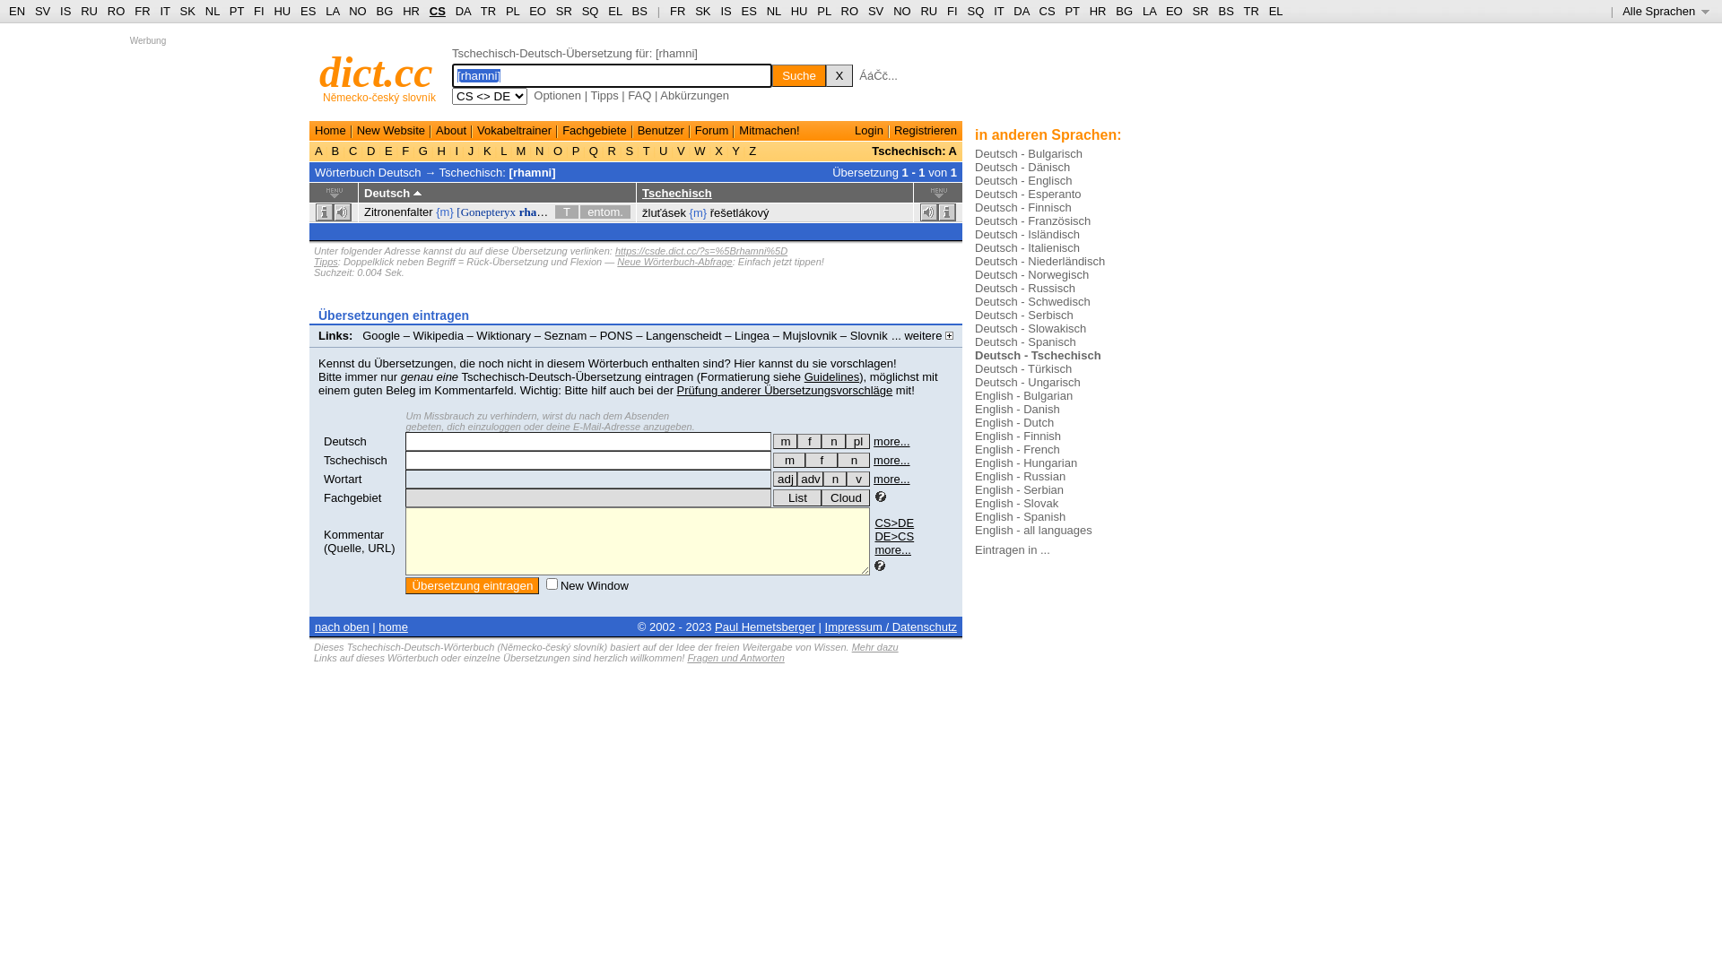 The width and height of the screenshot is (1722, 968). Describe the element at coordinates (973, 516) in the screenshot. I see `'English - Spanish'` at that location.